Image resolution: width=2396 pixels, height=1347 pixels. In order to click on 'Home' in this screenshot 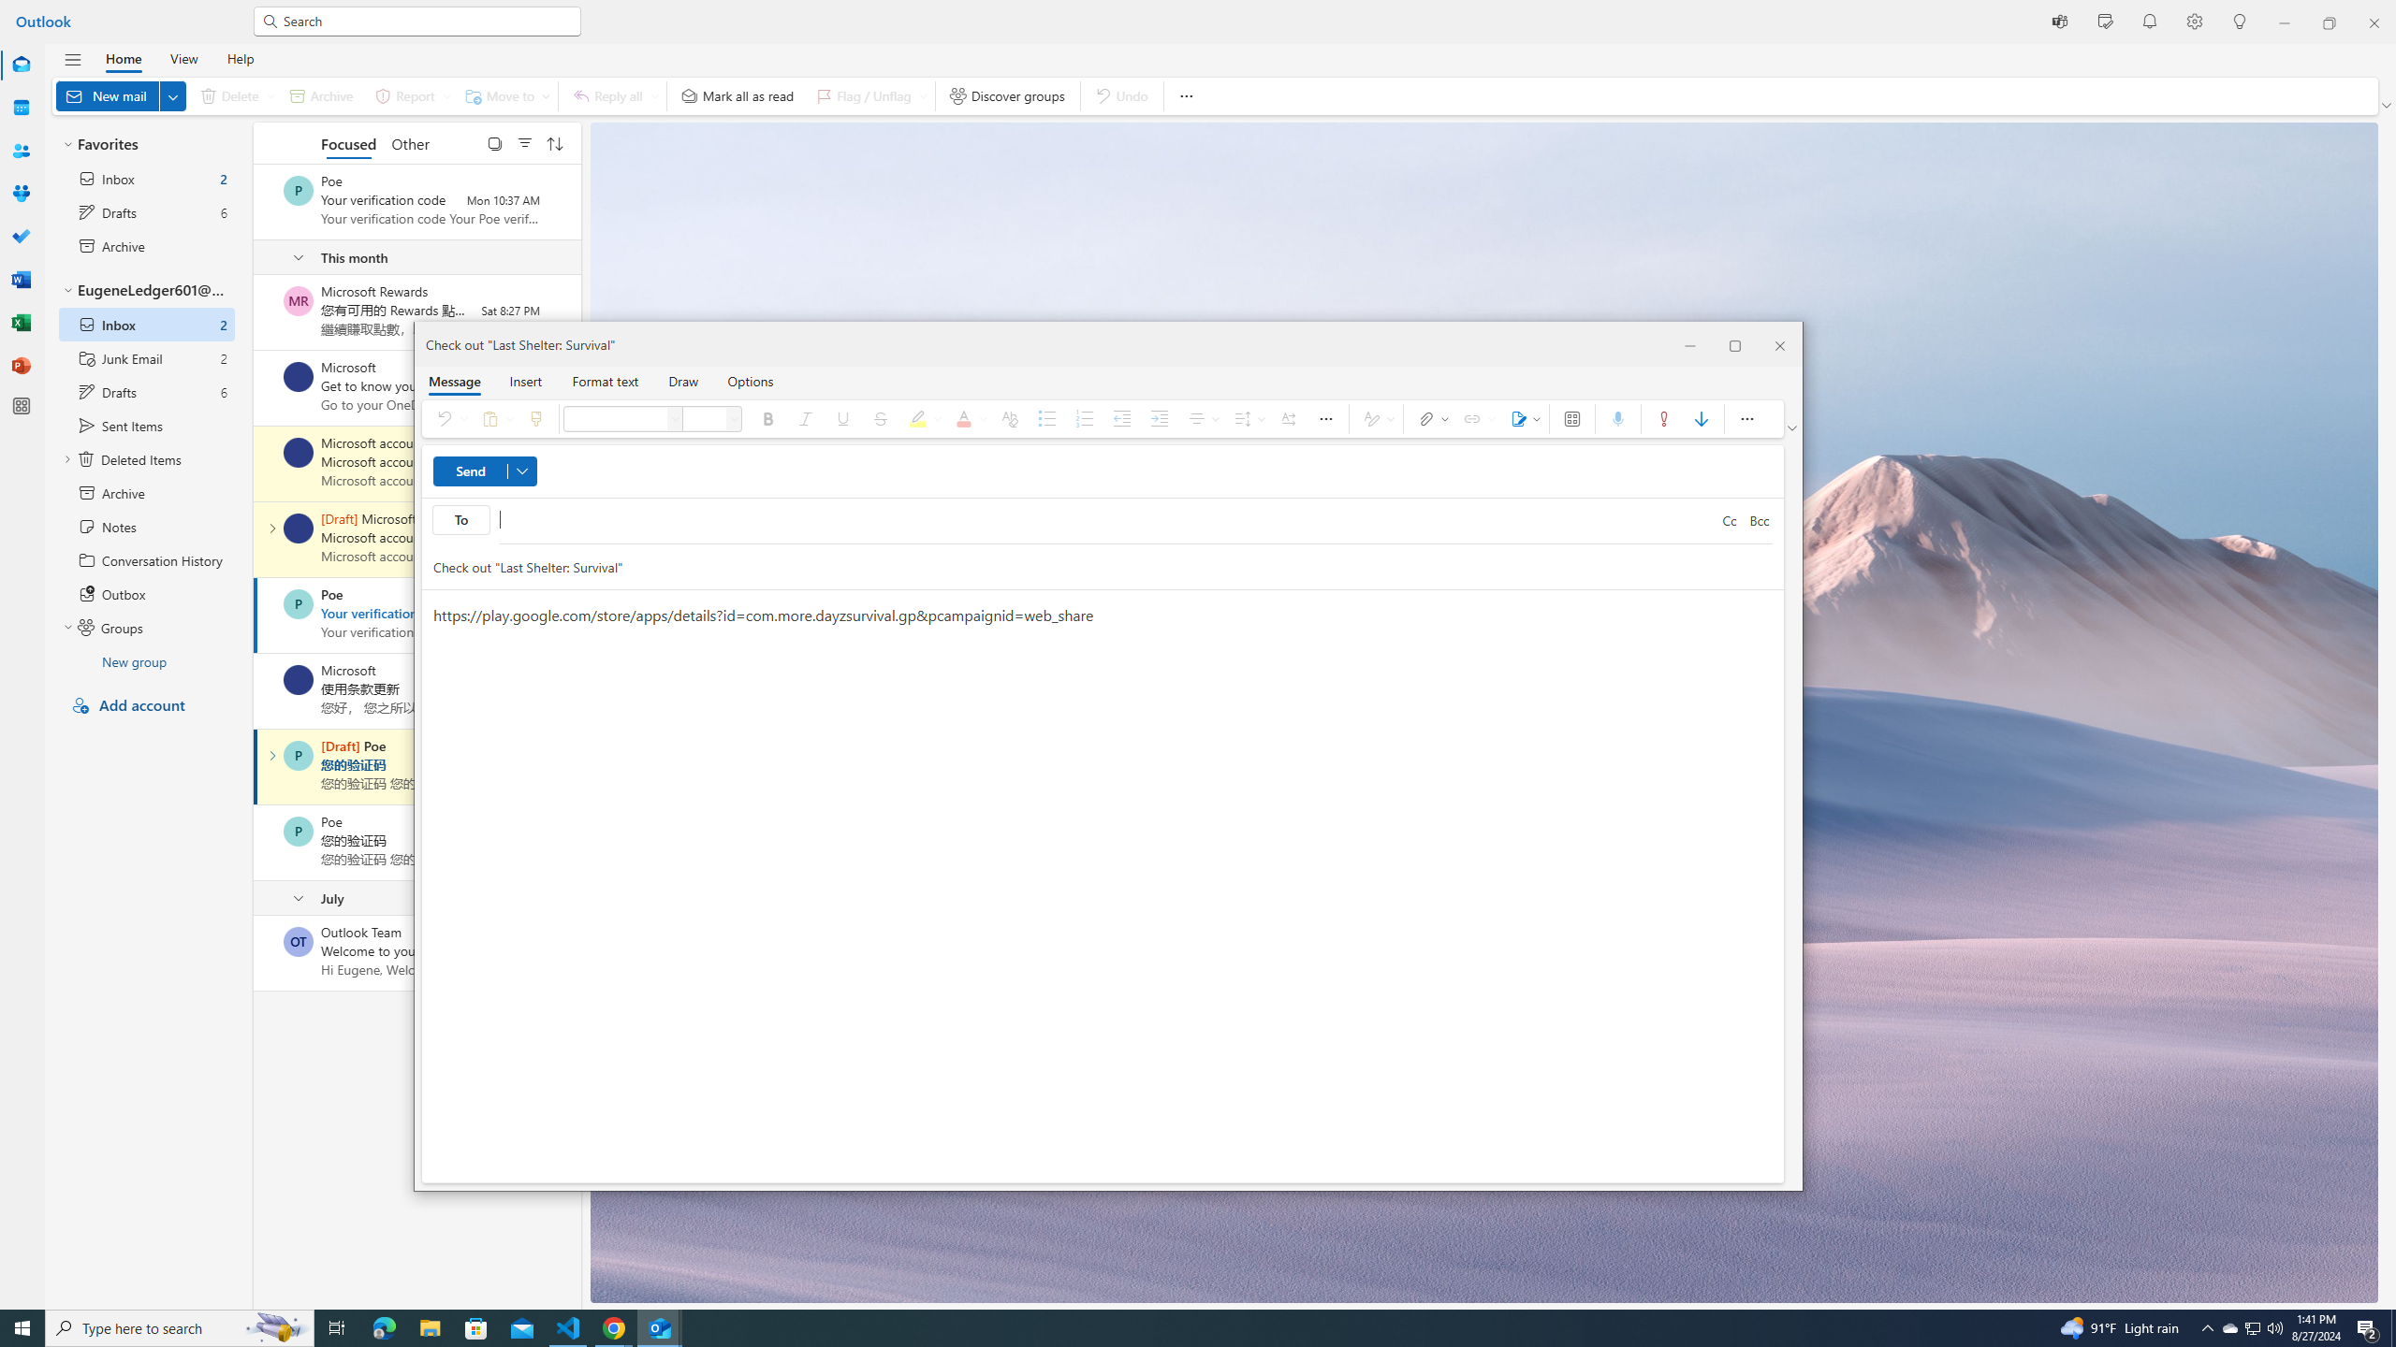, I will do `click(122, 57)`.